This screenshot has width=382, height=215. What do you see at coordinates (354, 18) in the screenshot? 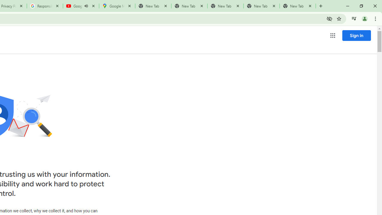
I see `'Control your music, videos, and more'` at bounding box center [354, 18].